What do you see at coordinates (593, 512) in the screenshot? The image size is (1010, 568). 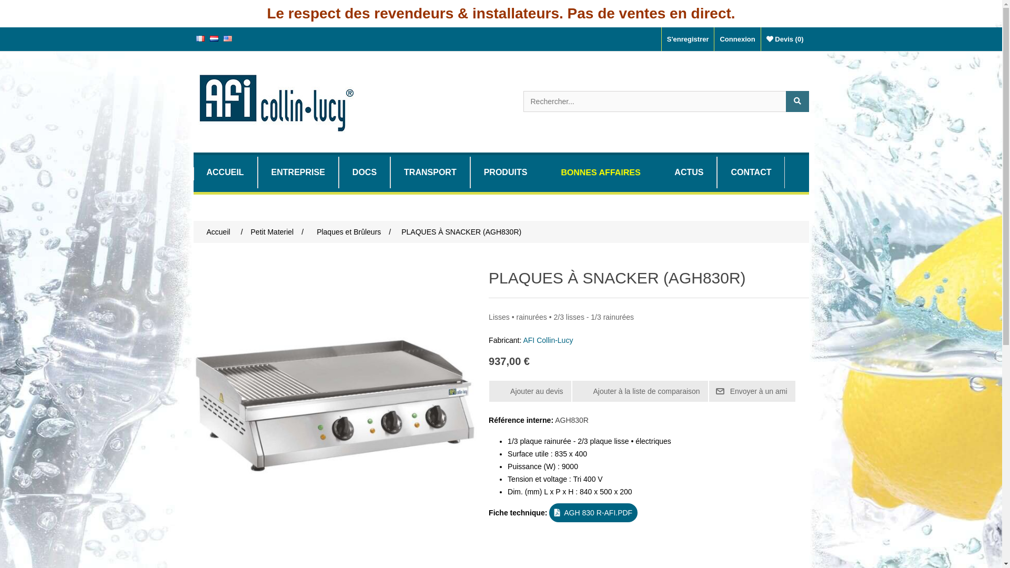 I see `'  AGH 830 R-AFI.PDF'` at bounding box center [593, 512].